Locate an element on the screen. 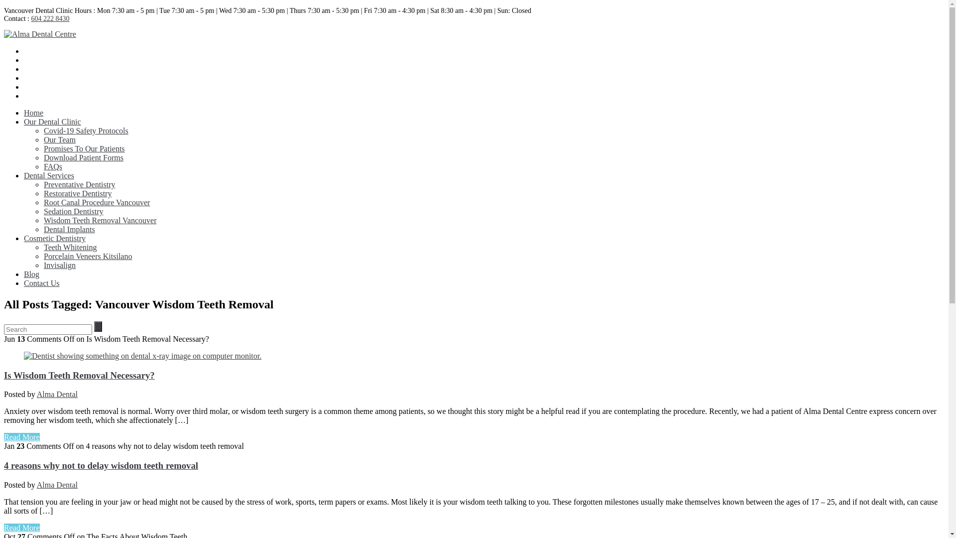 The image size is (956, 538). 'Alma Dental' is located at coordinates (36, 484).